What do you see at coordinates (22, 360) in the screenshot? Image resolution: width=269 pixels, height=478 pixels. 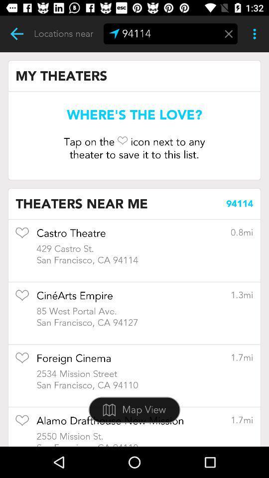 I see `item to favorites` at bounding box center [22, 360].